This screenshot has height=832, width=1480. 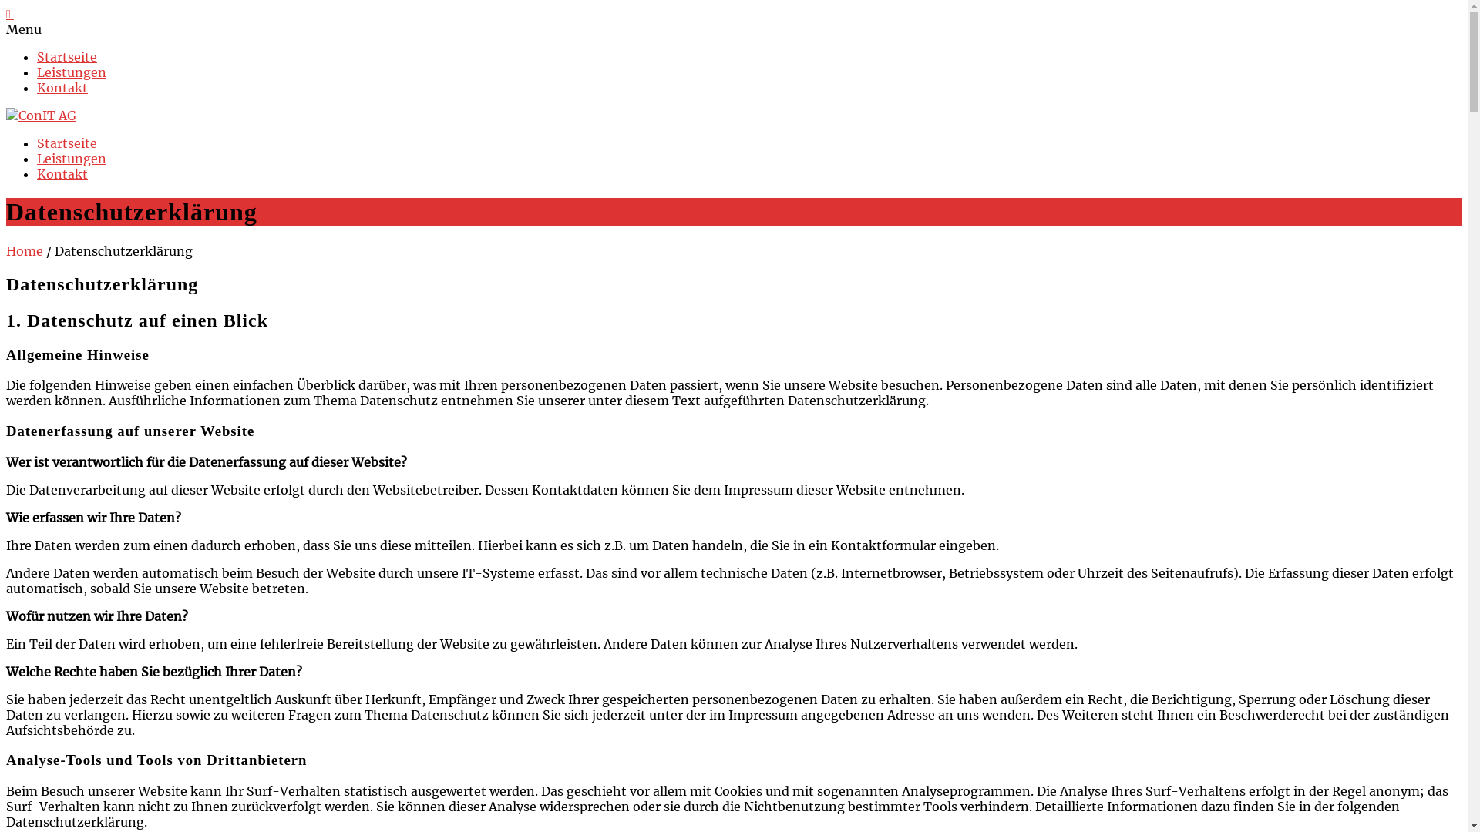 What do you see at coordinates (10, 14) in the screenshot?
I see `' '` at bounding box center [10, 14].